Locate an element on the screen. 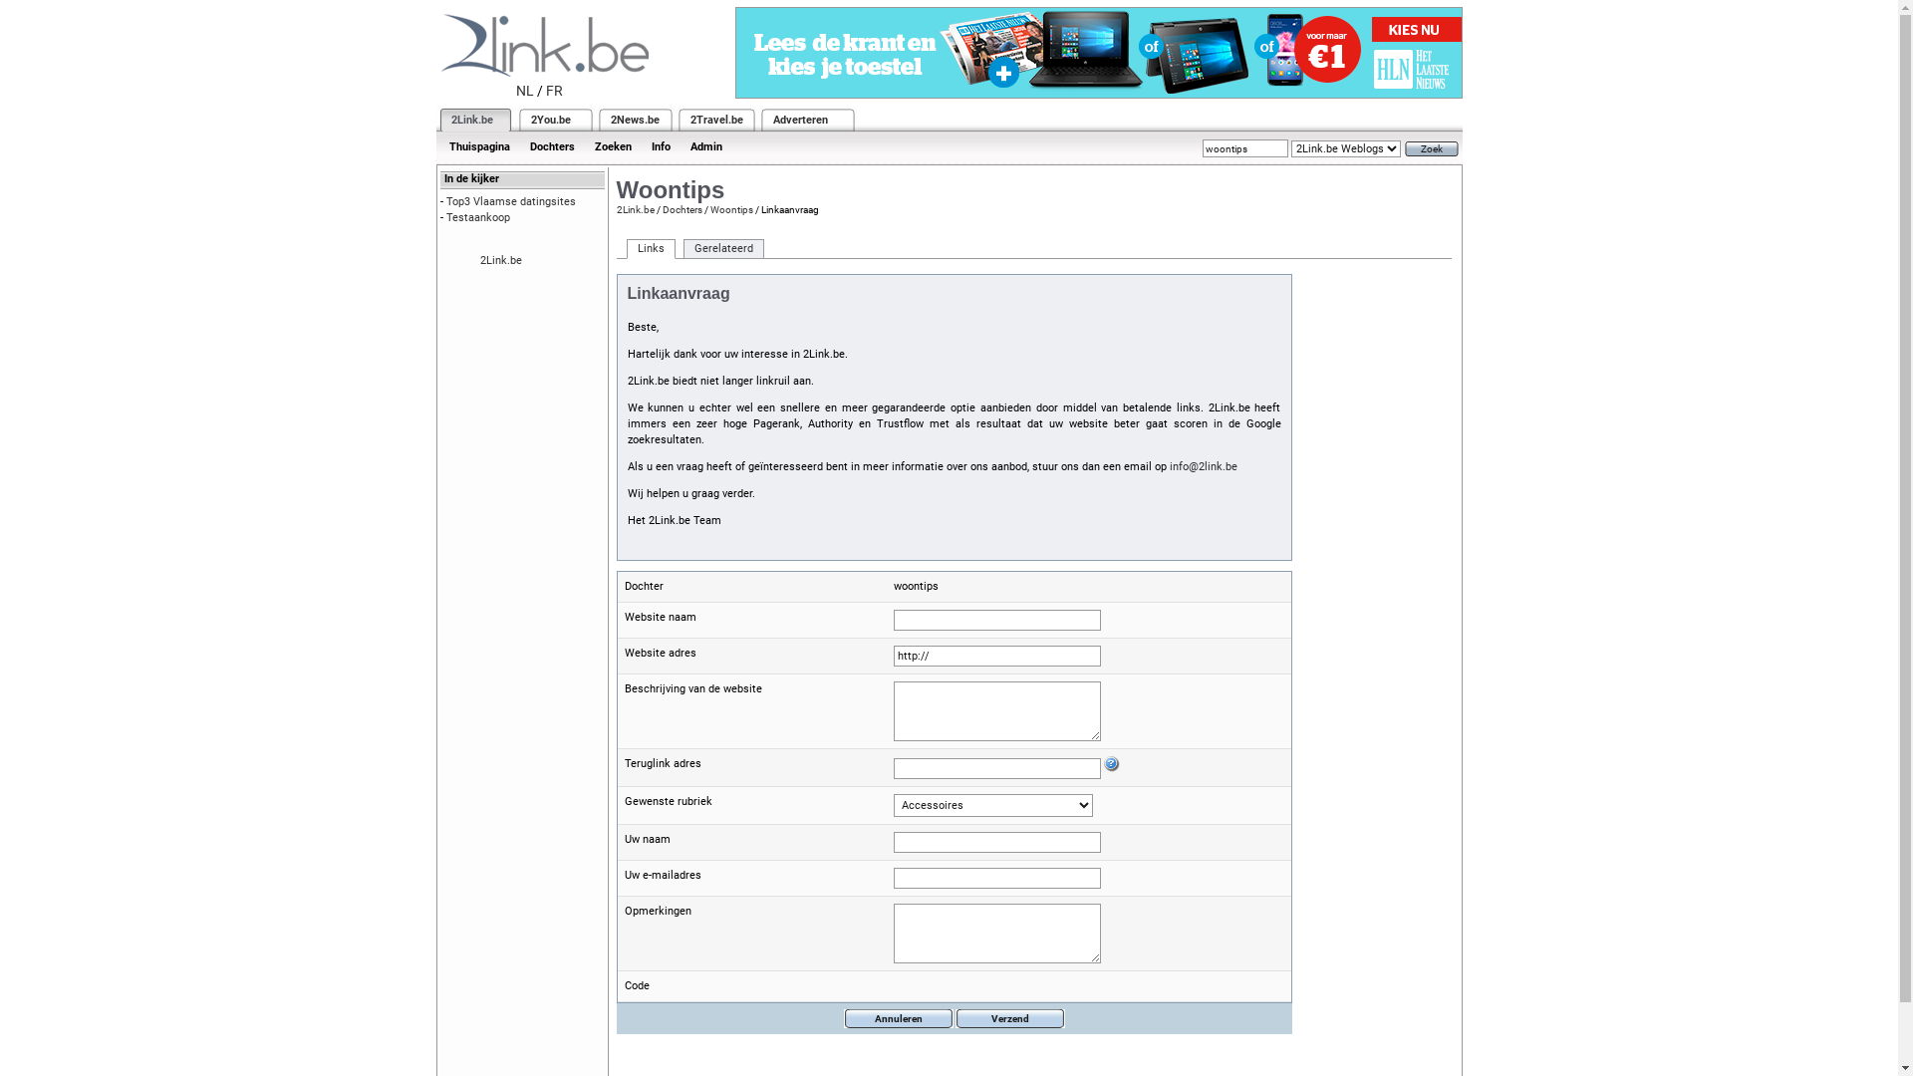 The image size is (1913, 1076). '2News.be' is located at coordinates (633, 120).